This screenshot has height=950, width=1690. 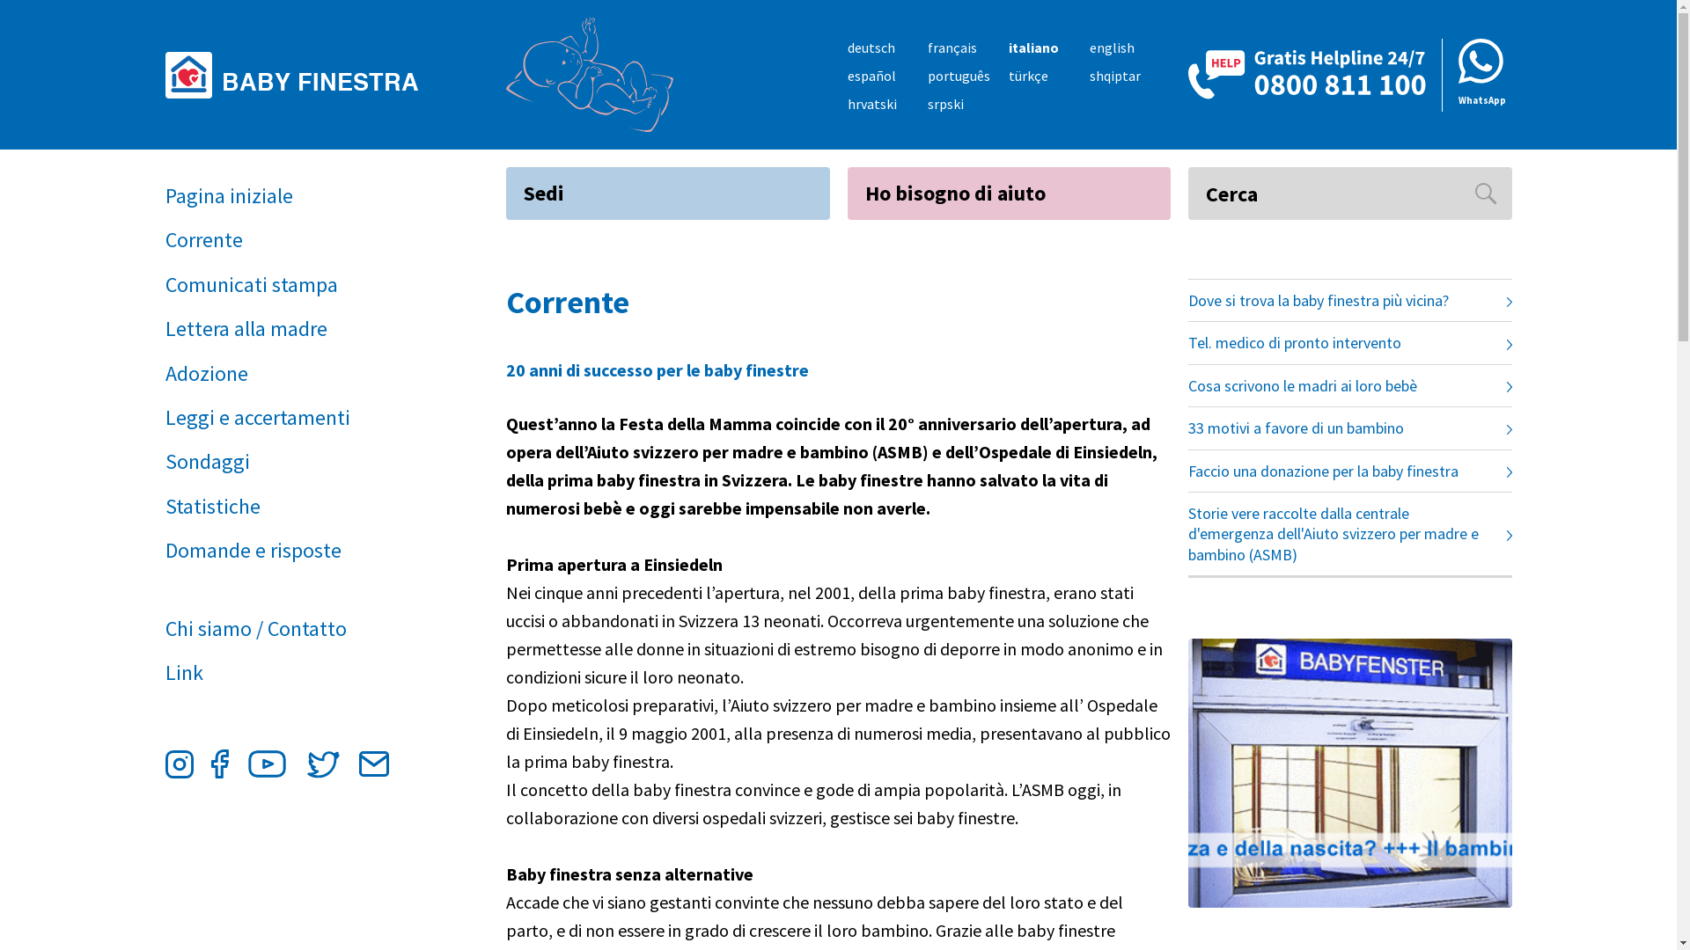 What do you see at coordinates (165, 417) in the screenshot?
I see `'Leggi e accertamenti'` at bounding box center [165, 417].